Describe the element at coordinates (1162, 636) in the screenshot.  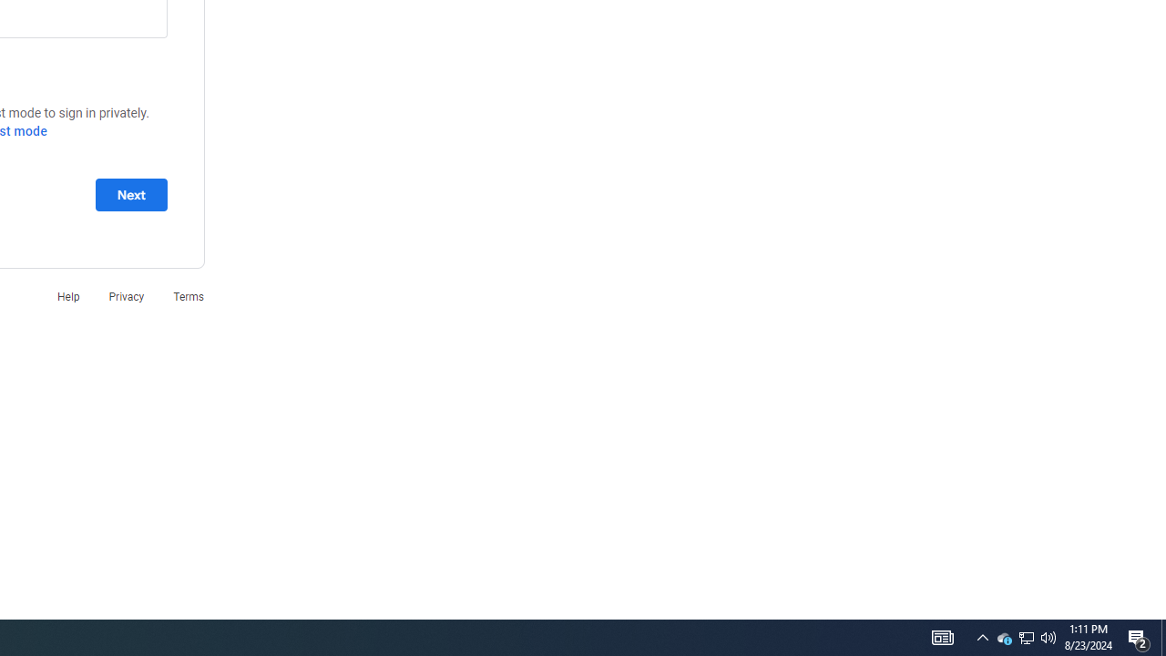
I see `'Show desktop'` at that location.